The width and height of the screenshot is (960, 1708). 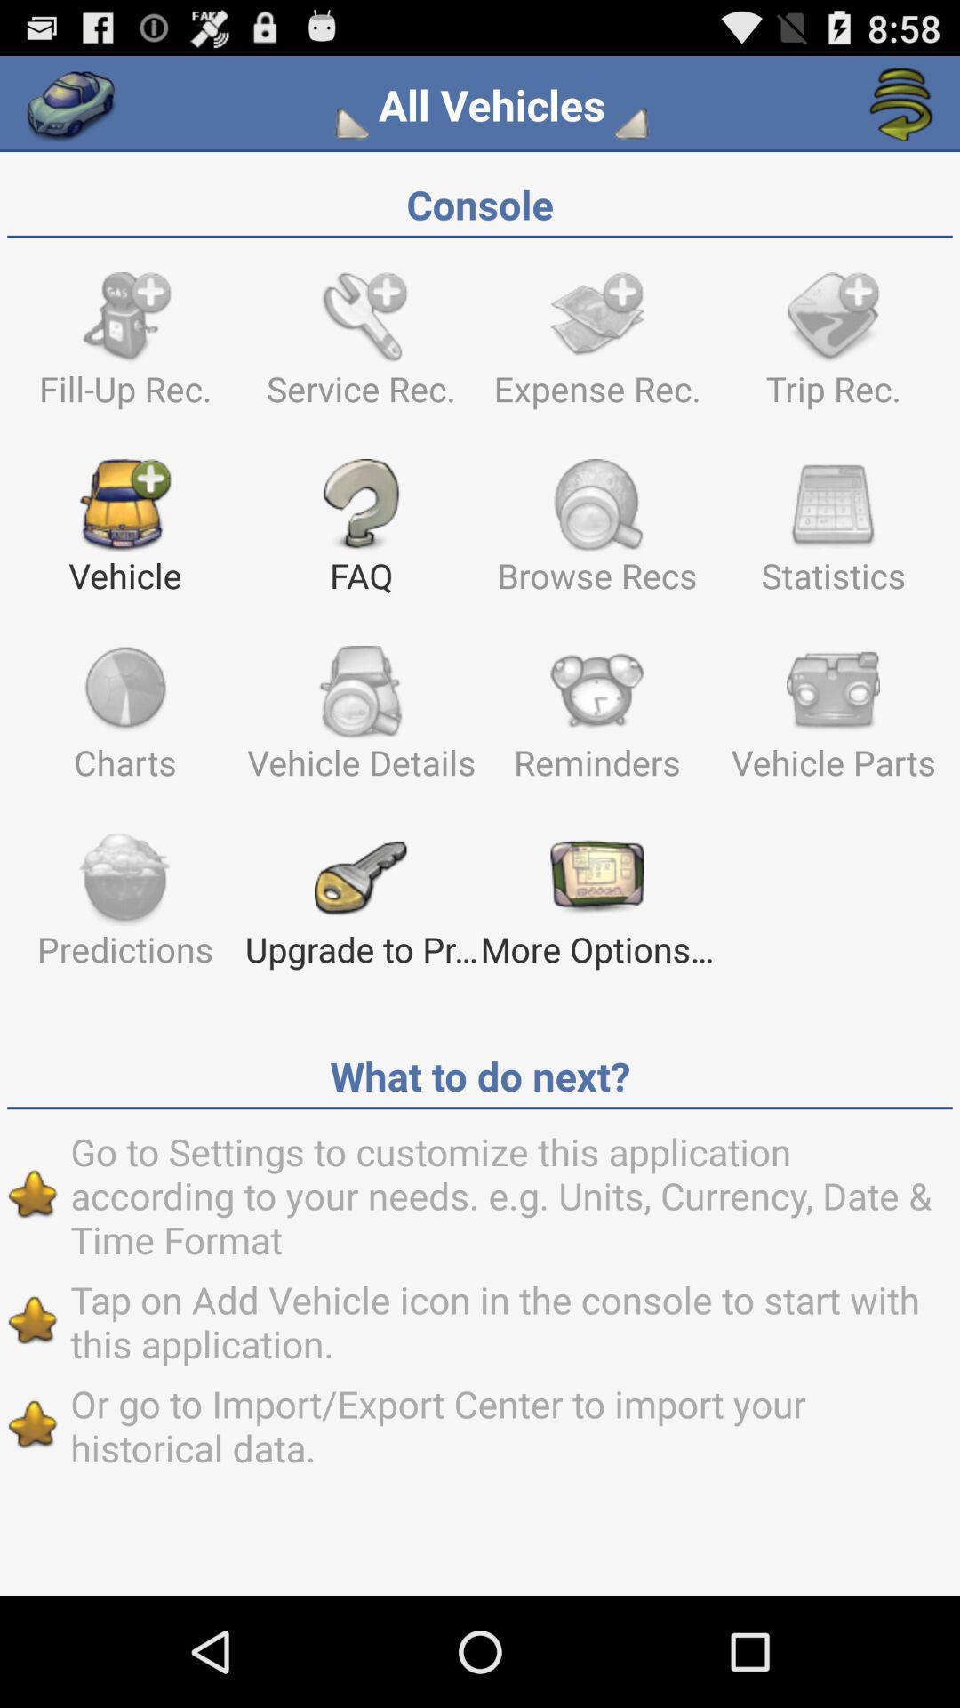 What do you see at coordinates (596, 534) in the screenshot?
I see `the browse recs icon` at bounding box center [596, 534].